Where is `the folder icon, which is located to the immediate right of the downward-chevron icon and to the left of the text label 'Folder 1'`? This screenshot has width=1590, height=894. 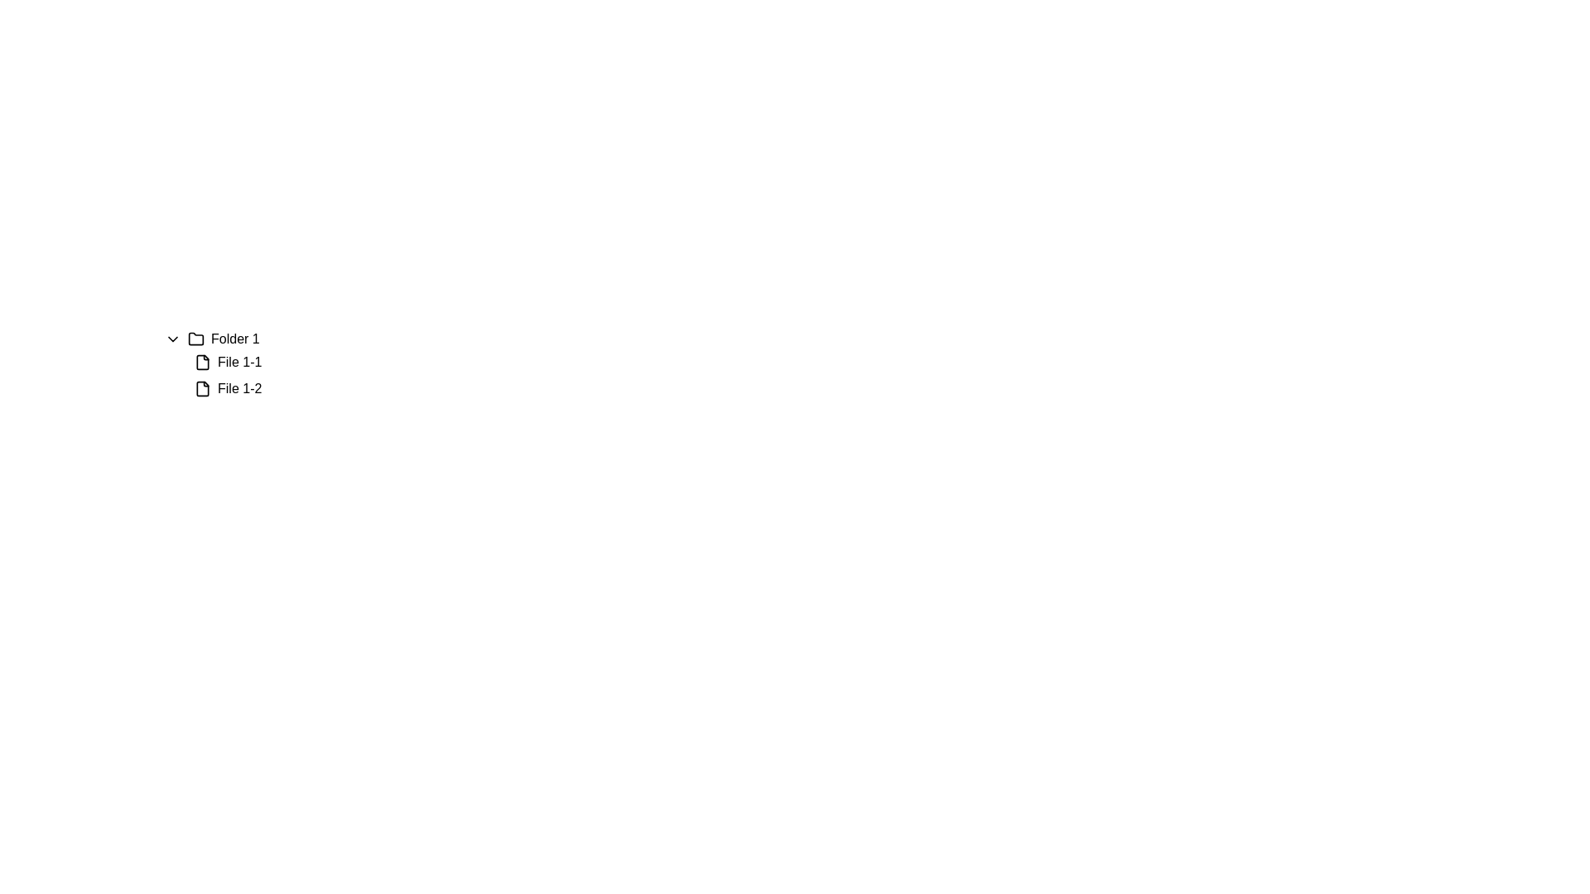
the folder icon, which is located to the immediate right of the downward-chevron icon and to the left of the text label 'Folder 1' is located at coordinates (195, 338).